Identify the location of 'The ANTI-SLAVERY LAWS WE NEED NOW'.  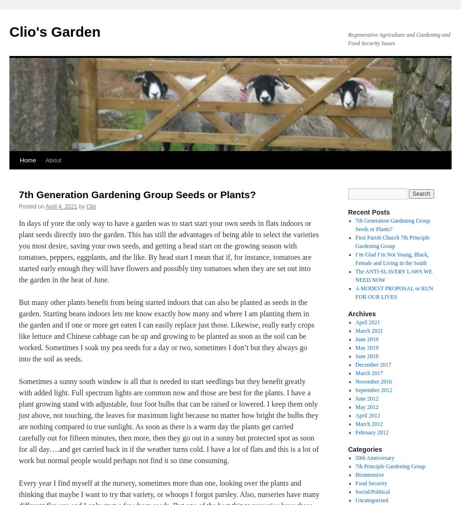
(394, 275).